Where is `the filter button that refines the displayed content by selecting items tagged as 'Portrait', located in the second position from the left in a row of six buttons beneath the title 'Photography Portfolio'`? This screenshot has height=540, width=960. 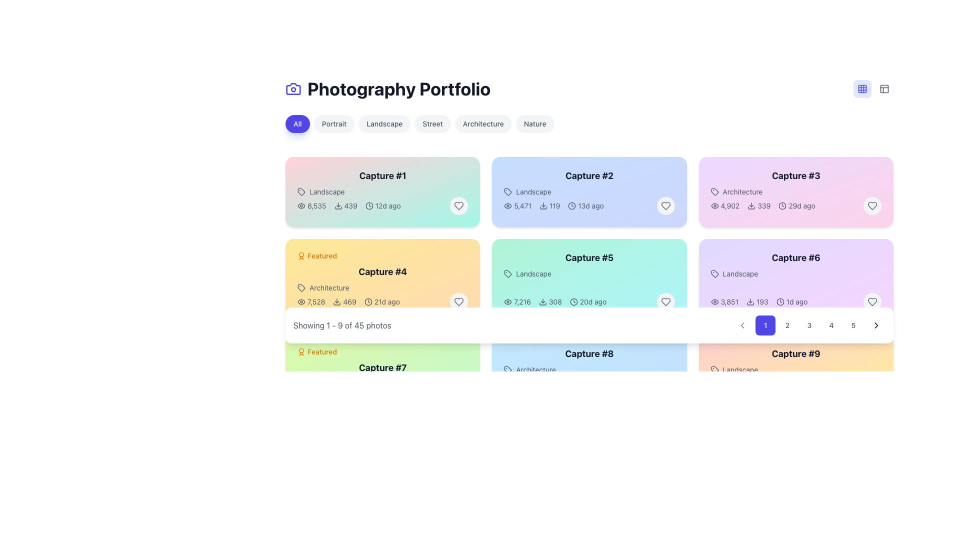
the filter button that refines the displayed content by selecting items tagged as 'Portrait', located in the second position from the left in a row of six buttons beneath the title 'Photography Portfolio' is located at coordinates (334, 123).